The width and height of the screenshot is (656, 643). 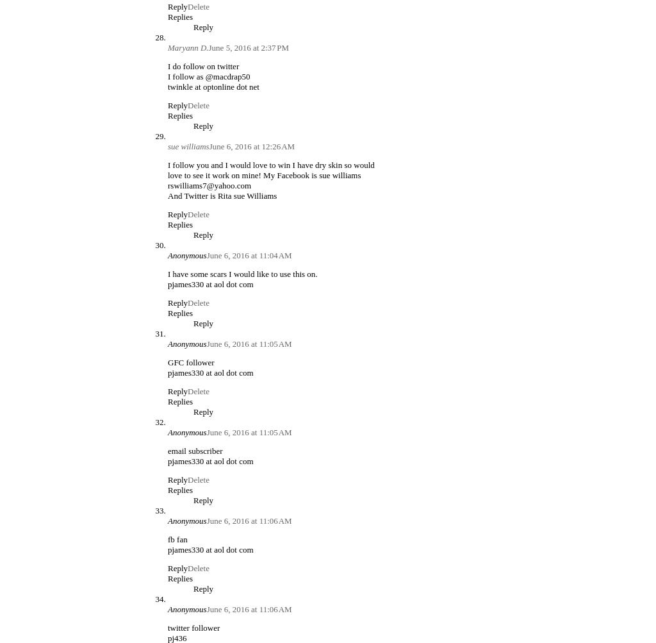 What do you see at coordinates (168, 637) in the screenshot?
I see `'pj436'` at bounding box center [168, 637].